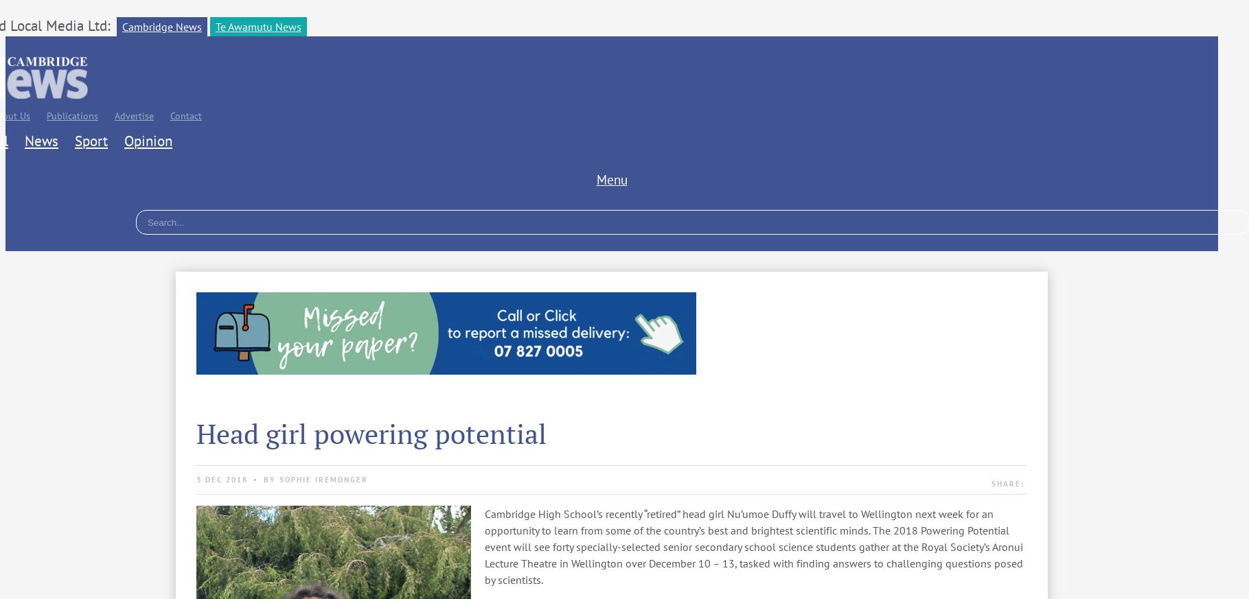  What do you see at coordinates (1007, 483) in the screenshot?
I see `'Share:'` at bounding box center [1007, 483].